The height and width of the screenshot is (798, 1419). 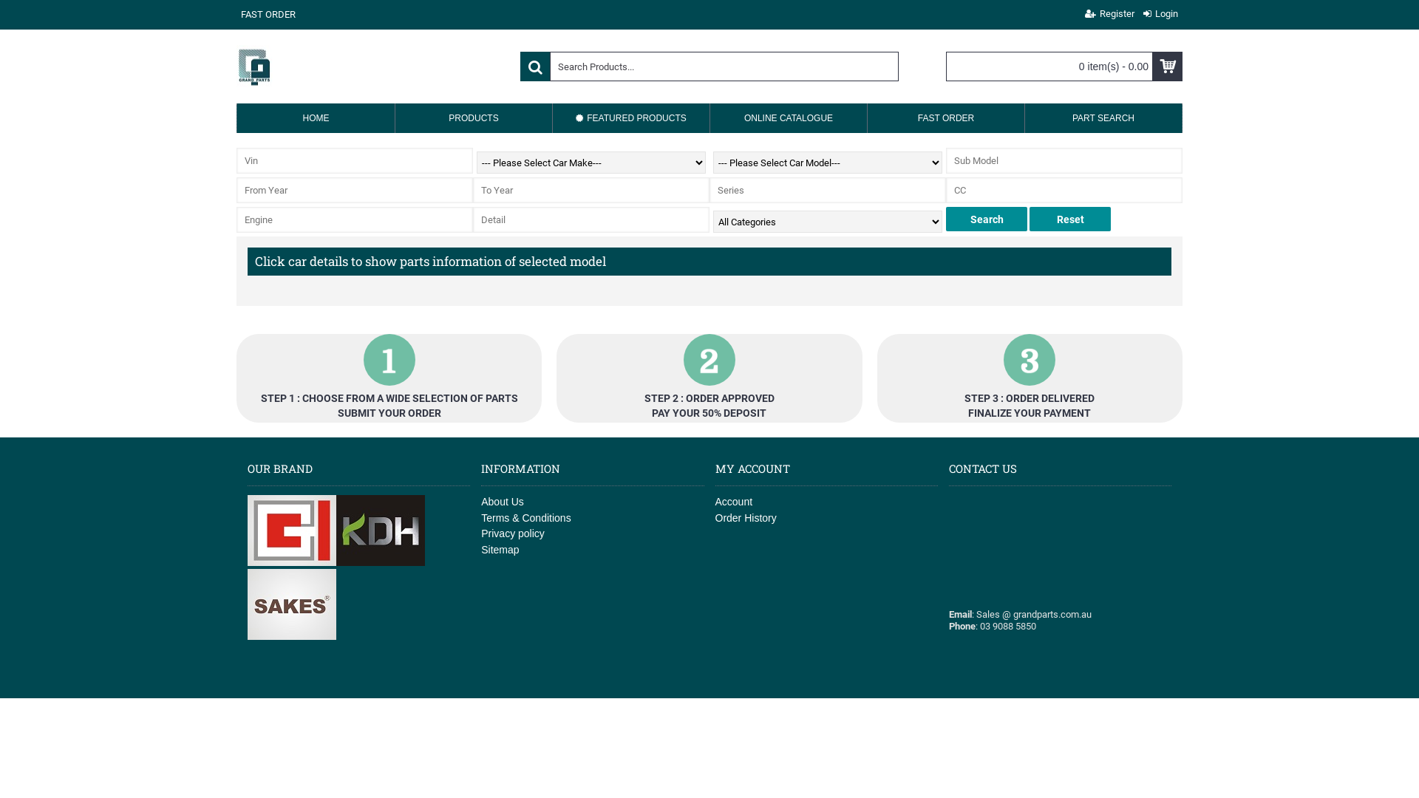 I want to click on '0 item(s) - 0.00', so click(x=1064, y=65).